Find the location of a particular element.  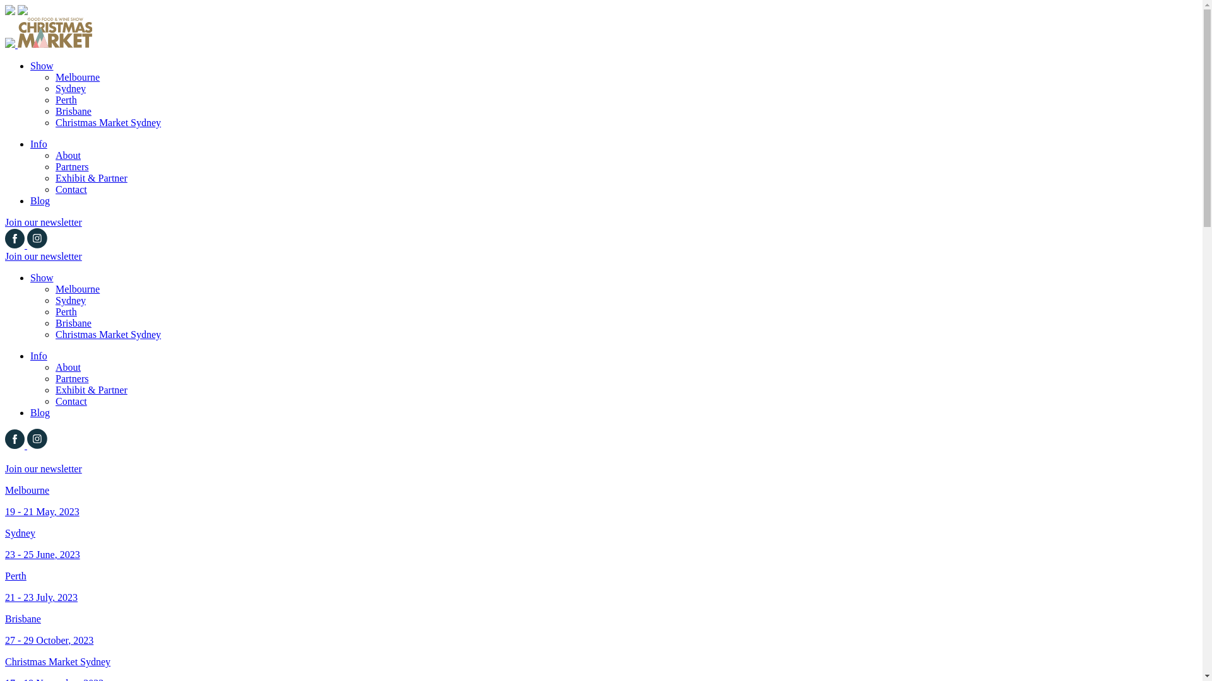

'Info' is located at coordinates (30, 143).